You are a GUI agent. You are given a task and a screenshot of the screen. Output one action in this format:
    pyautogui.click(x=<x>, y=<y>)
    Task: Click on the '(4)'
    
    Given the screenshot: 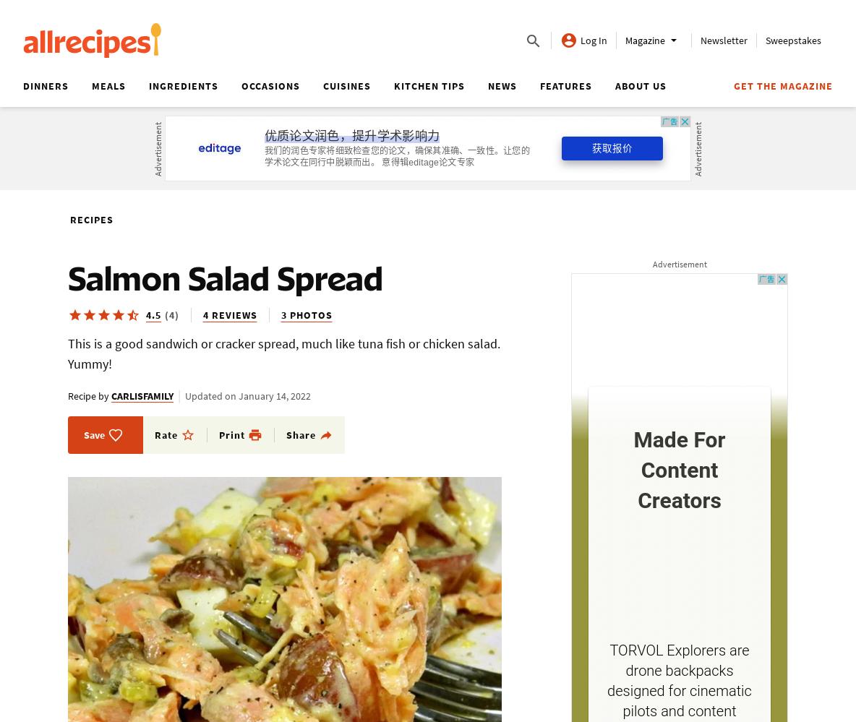 What is the action you would take?
    pyautogui.click(x=171, y=314)
    